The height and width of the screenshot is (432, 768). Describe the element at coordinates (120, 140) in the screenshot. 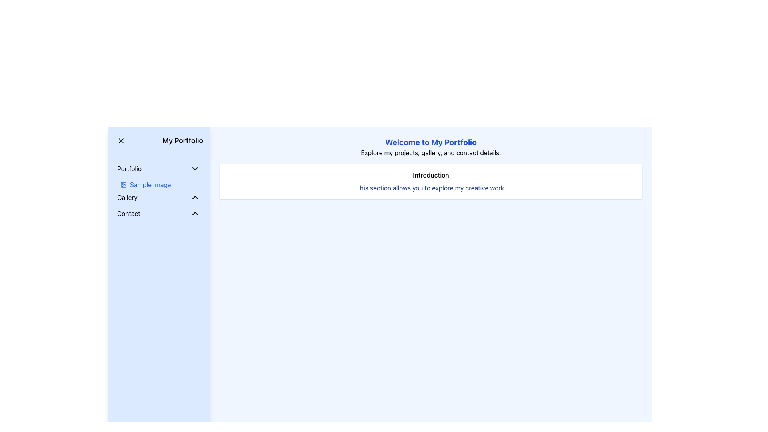

I see `the black 'X' icon located in the top left corner of the sidebar` at that location.